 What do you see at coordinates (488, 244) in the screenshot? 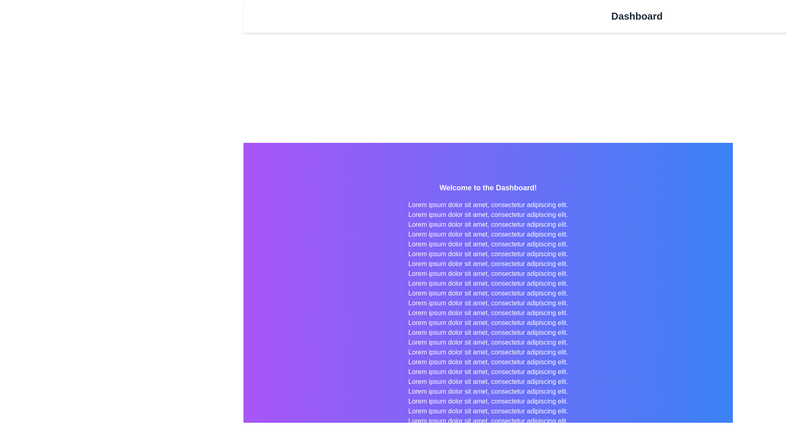
I see `the sixth static text label that displays a message under the heading 'Welcome to the Dashboard!'` at bounding box center [488, 244].